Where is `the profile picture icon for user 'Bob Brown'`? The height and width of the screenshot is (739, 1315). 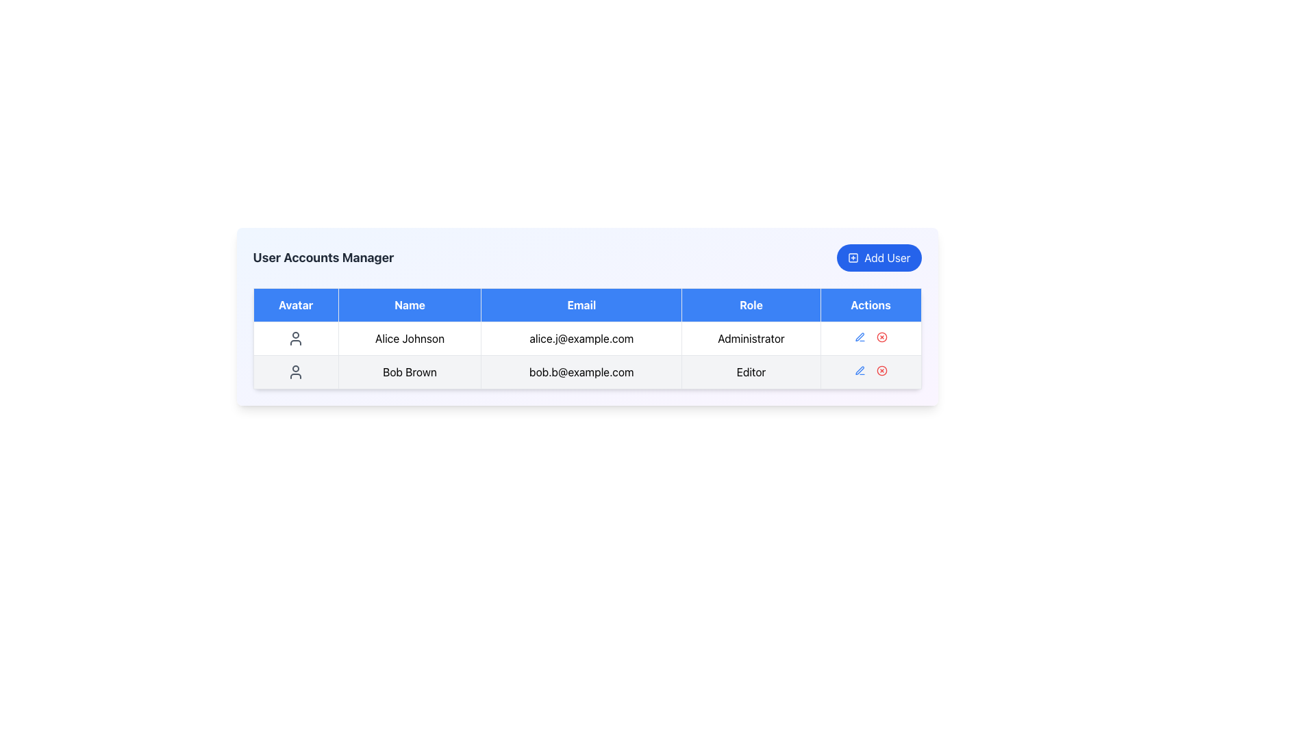
the profile picture icon for user 'Bob Brown' is located at coordinates (295, 372).